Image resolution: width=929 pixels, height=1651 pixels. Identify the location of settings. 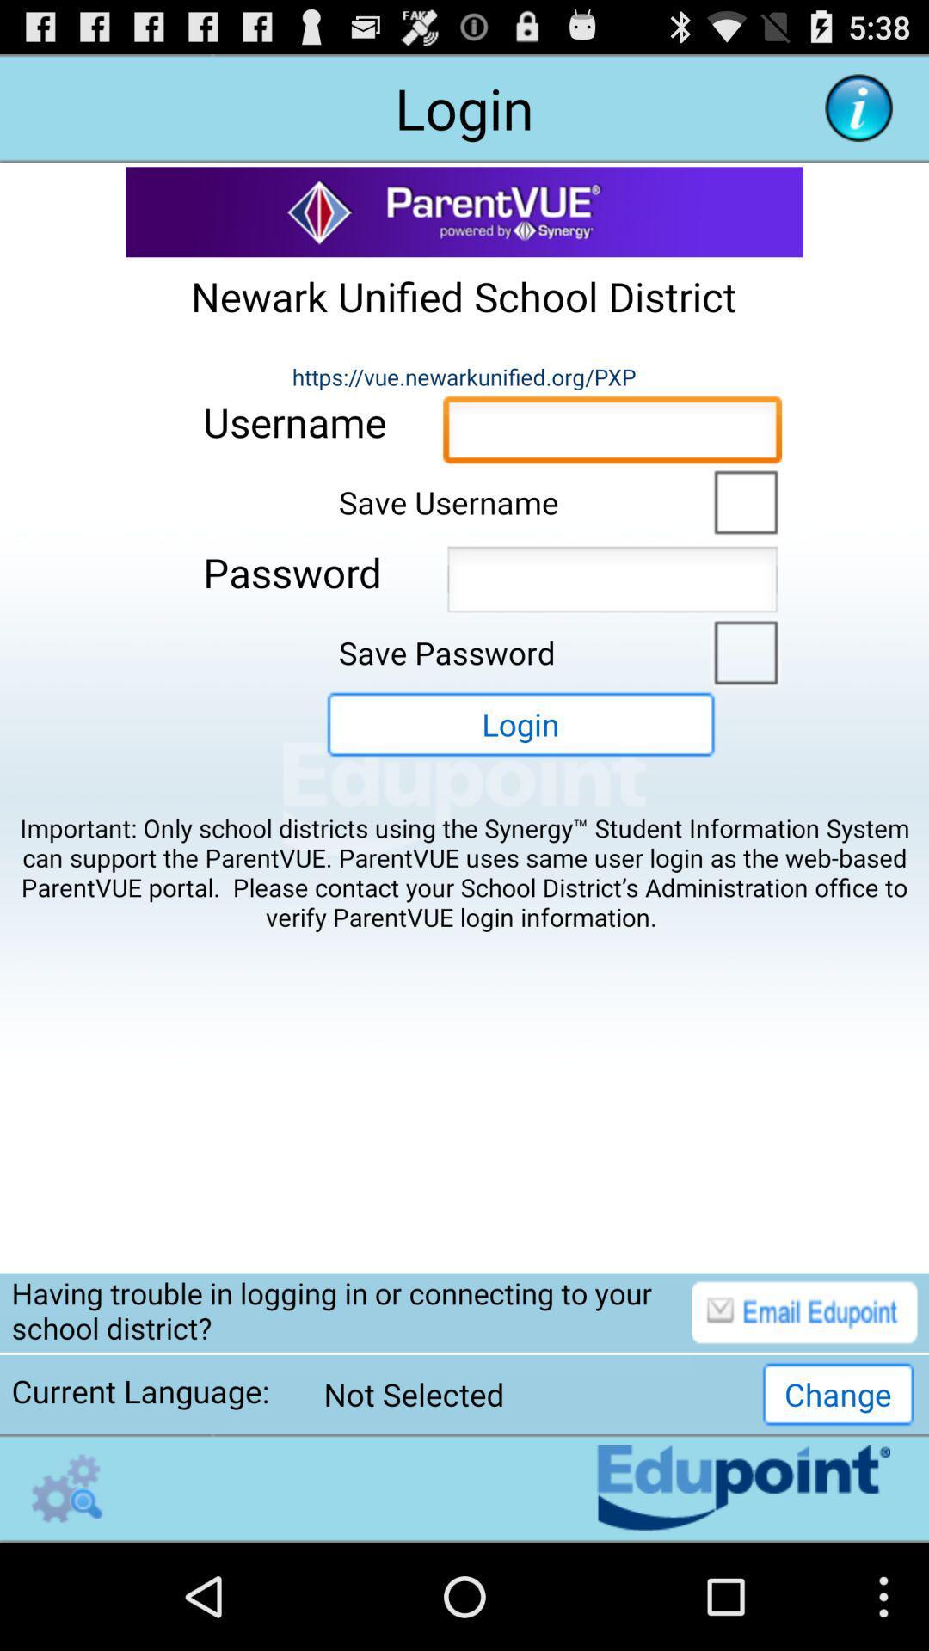
(66, 1488).